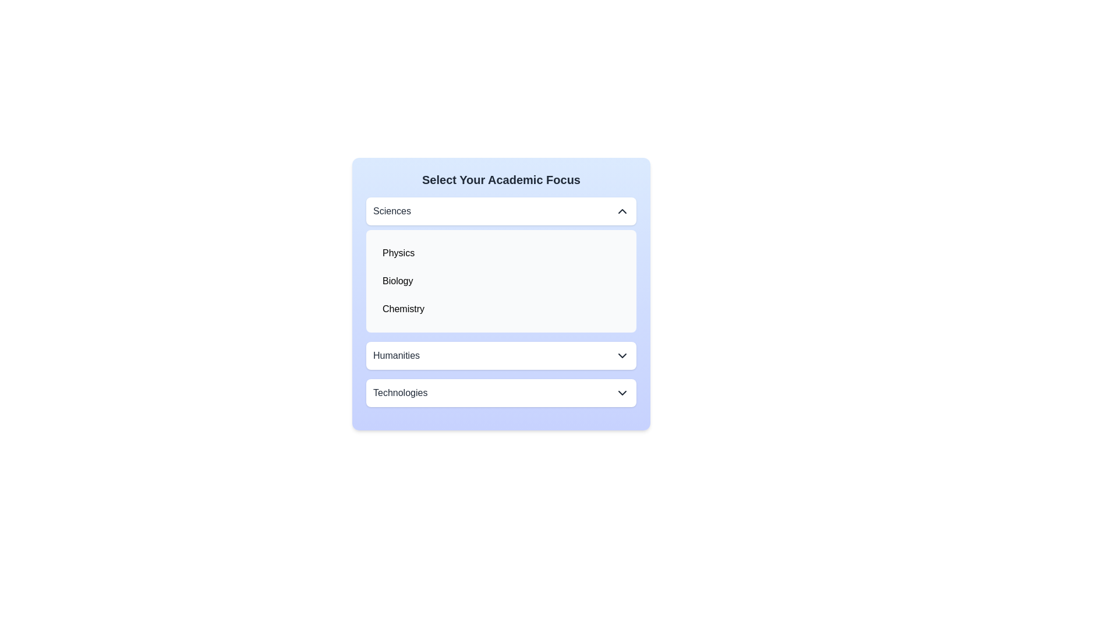 This screenshot has height=629, width=1118. Describe the element at coordinates (398, 281) in the screenshot. I see `the selectable list item labeled 'Biology'` at that location.